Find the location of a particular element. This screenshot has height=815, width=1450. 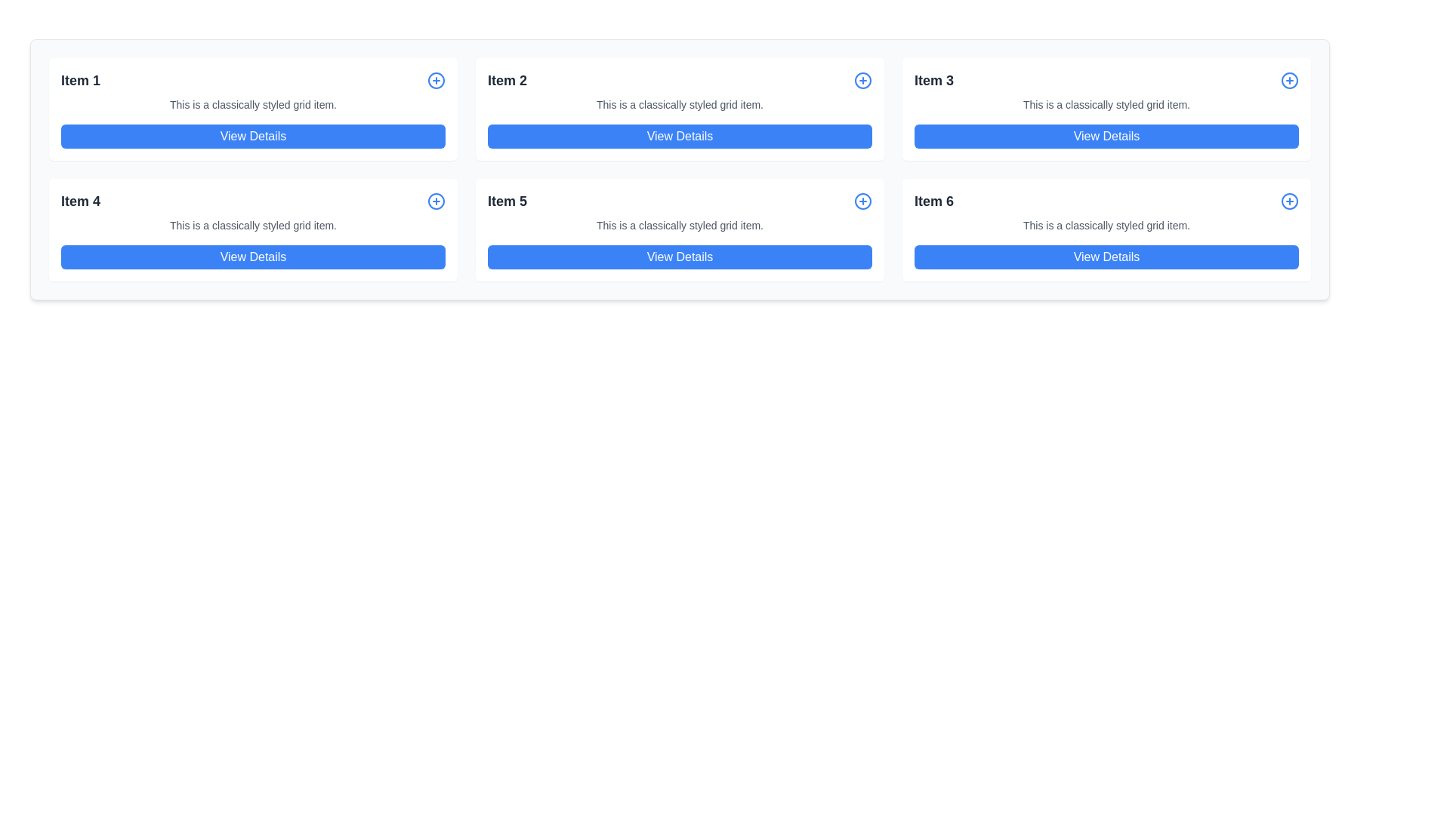

the text label reading 'This is a classically styled grid item.' which is located below the heading 'Item 1' and above the 'View Details' button within the first grid item is located at coordinates (253, 103).